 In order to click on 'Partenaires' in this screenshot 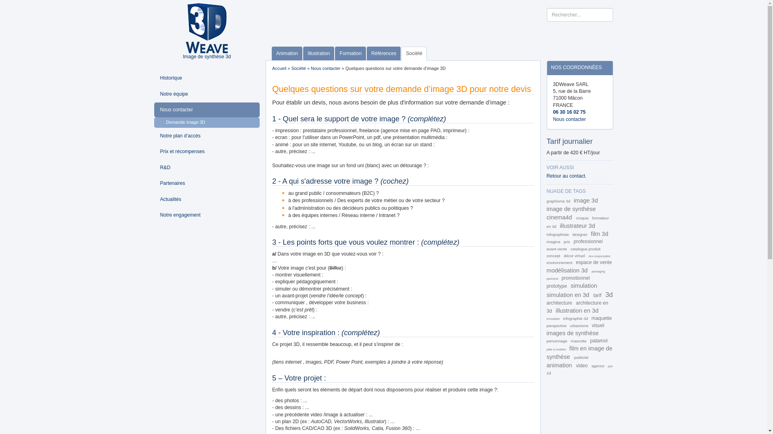, I will do `click(207, 183)`.